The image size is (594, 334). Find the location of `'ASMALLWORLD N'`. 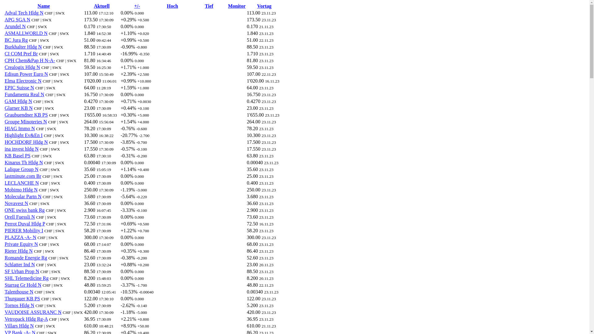

'ASMALLWORLD N' is located at coordinates (26, 33).